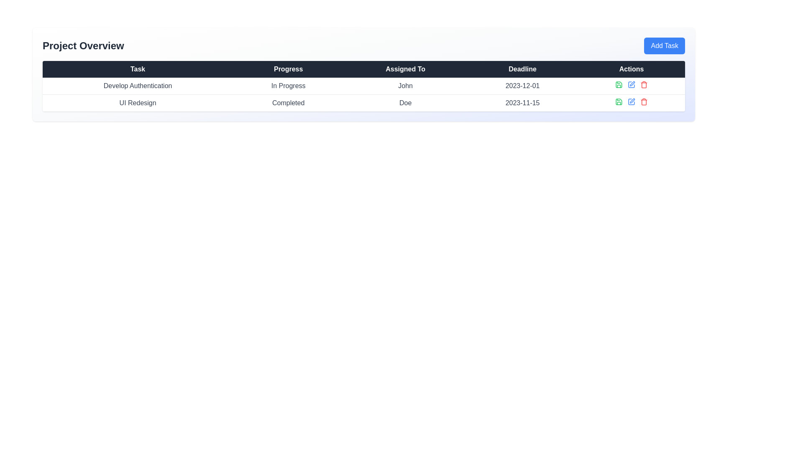  I want to click on the green save icon button located in the 'Actions' column of the first row in the table to change its color, so click(619, 85).